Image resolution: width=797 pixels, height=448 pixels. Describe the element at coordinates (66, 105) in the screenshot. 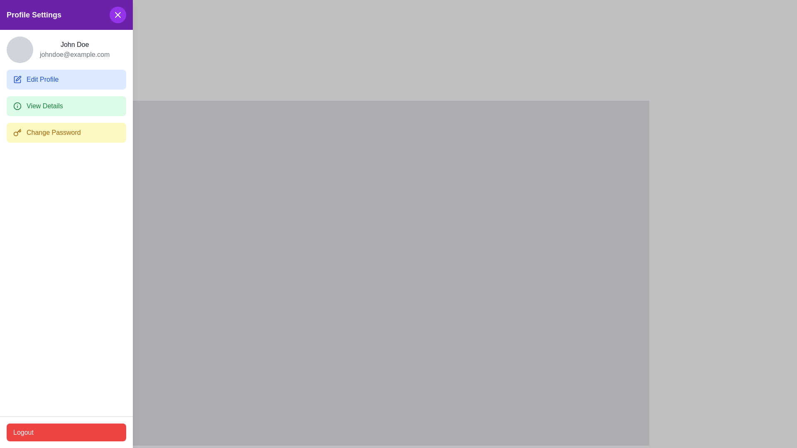

I see `the button located in the left panel under the 'Edit Profile' button and above the 'Change Password' option` at that location.